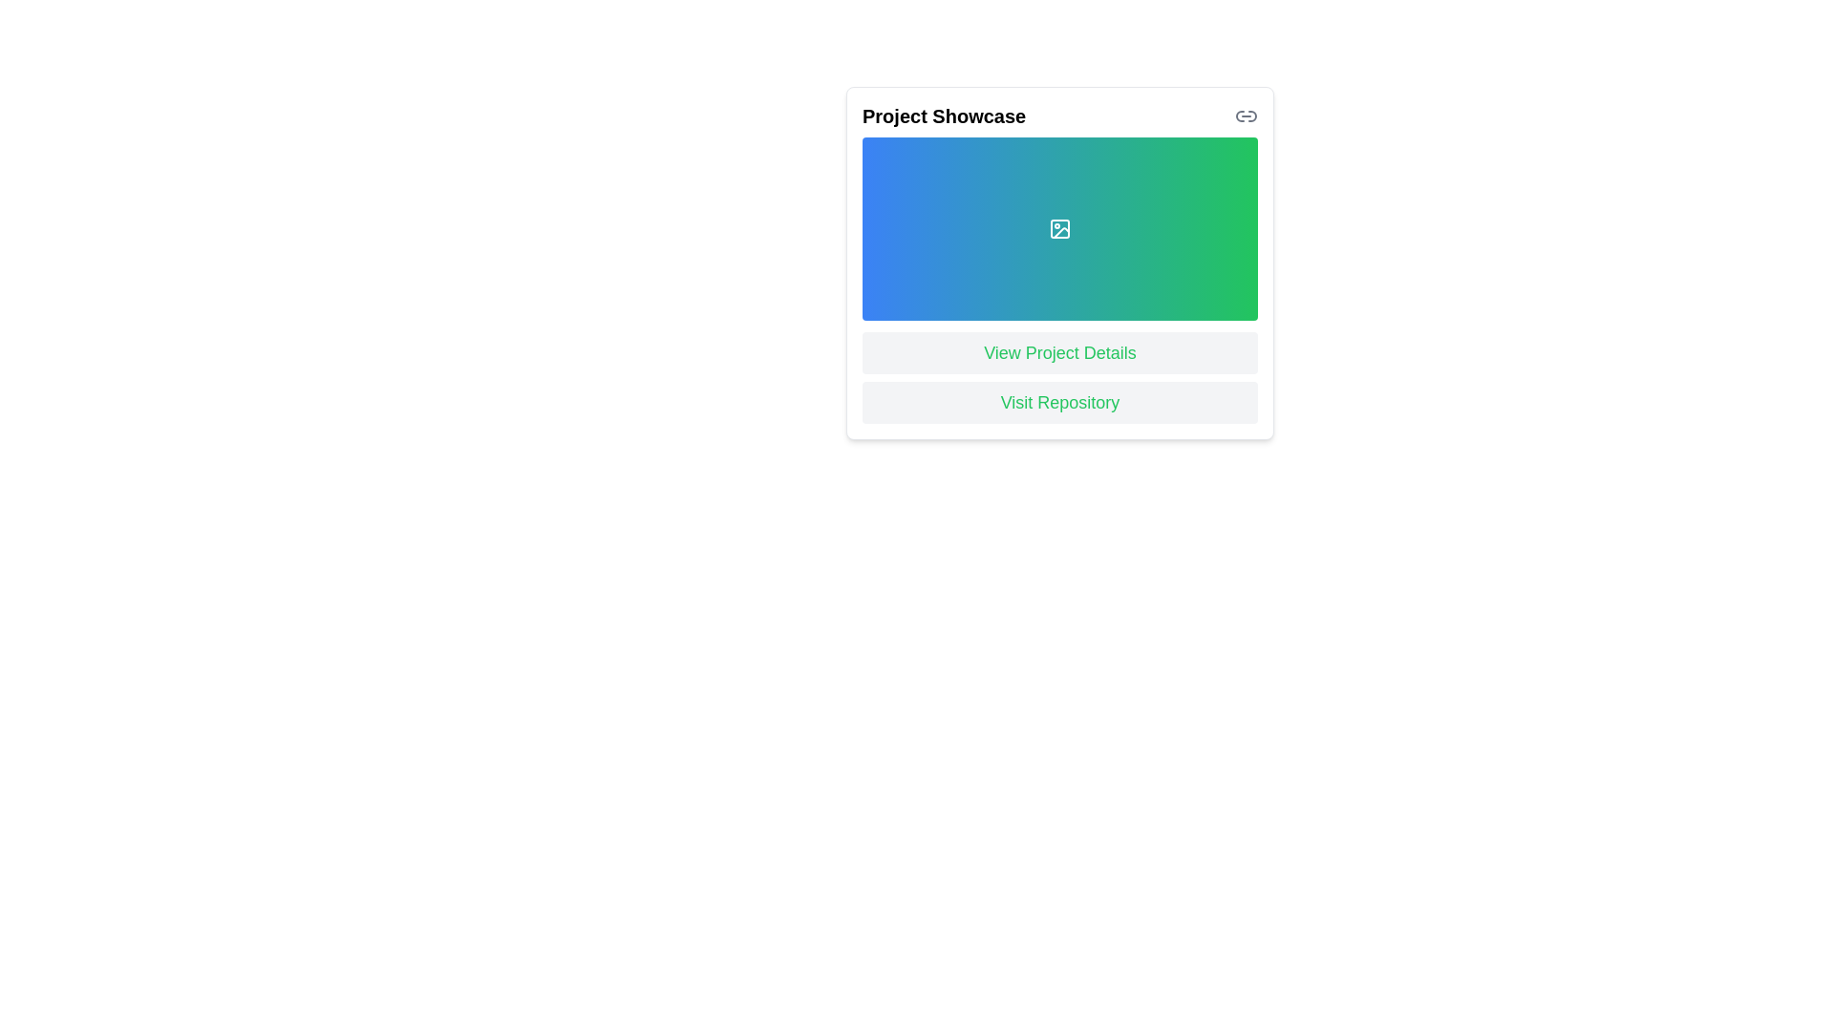 This screenshot has width=1834, height=1031. I want to click on the simplified image placeholder icon with rounded corners, which is centrally located within the colorful gradient background of the 'Project Showcase' card, so click(1058, 227).